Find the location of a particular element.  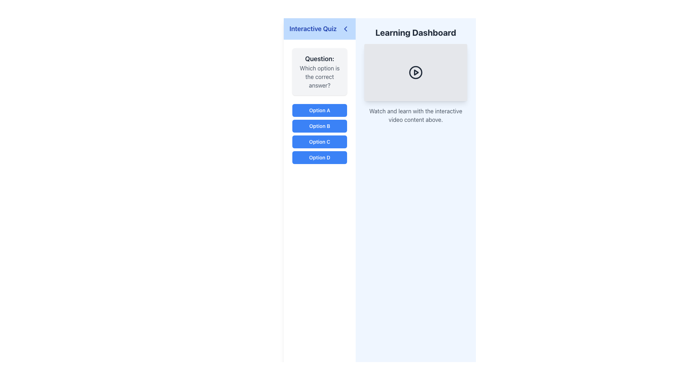

the leftward-pointing chevron button colored in blue, located to the right of the 'Interactive Quiz' text in the header bar is located at coordinates (345, 29).